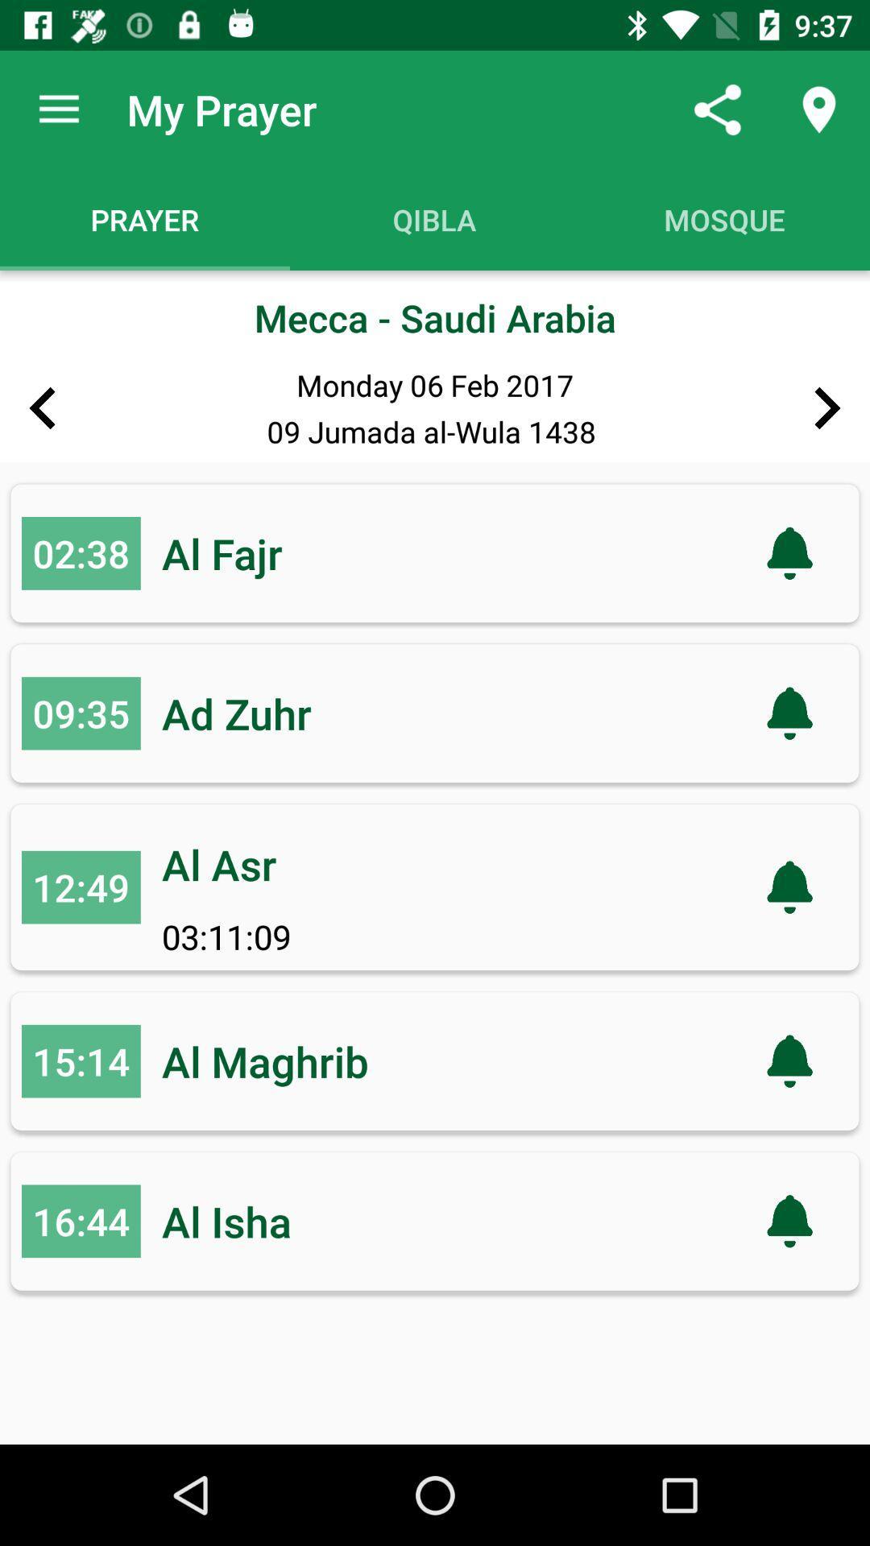 The height and width of the screenshot is (1546, 870). I want to click on the number left to al fajr, so click(81, 553).